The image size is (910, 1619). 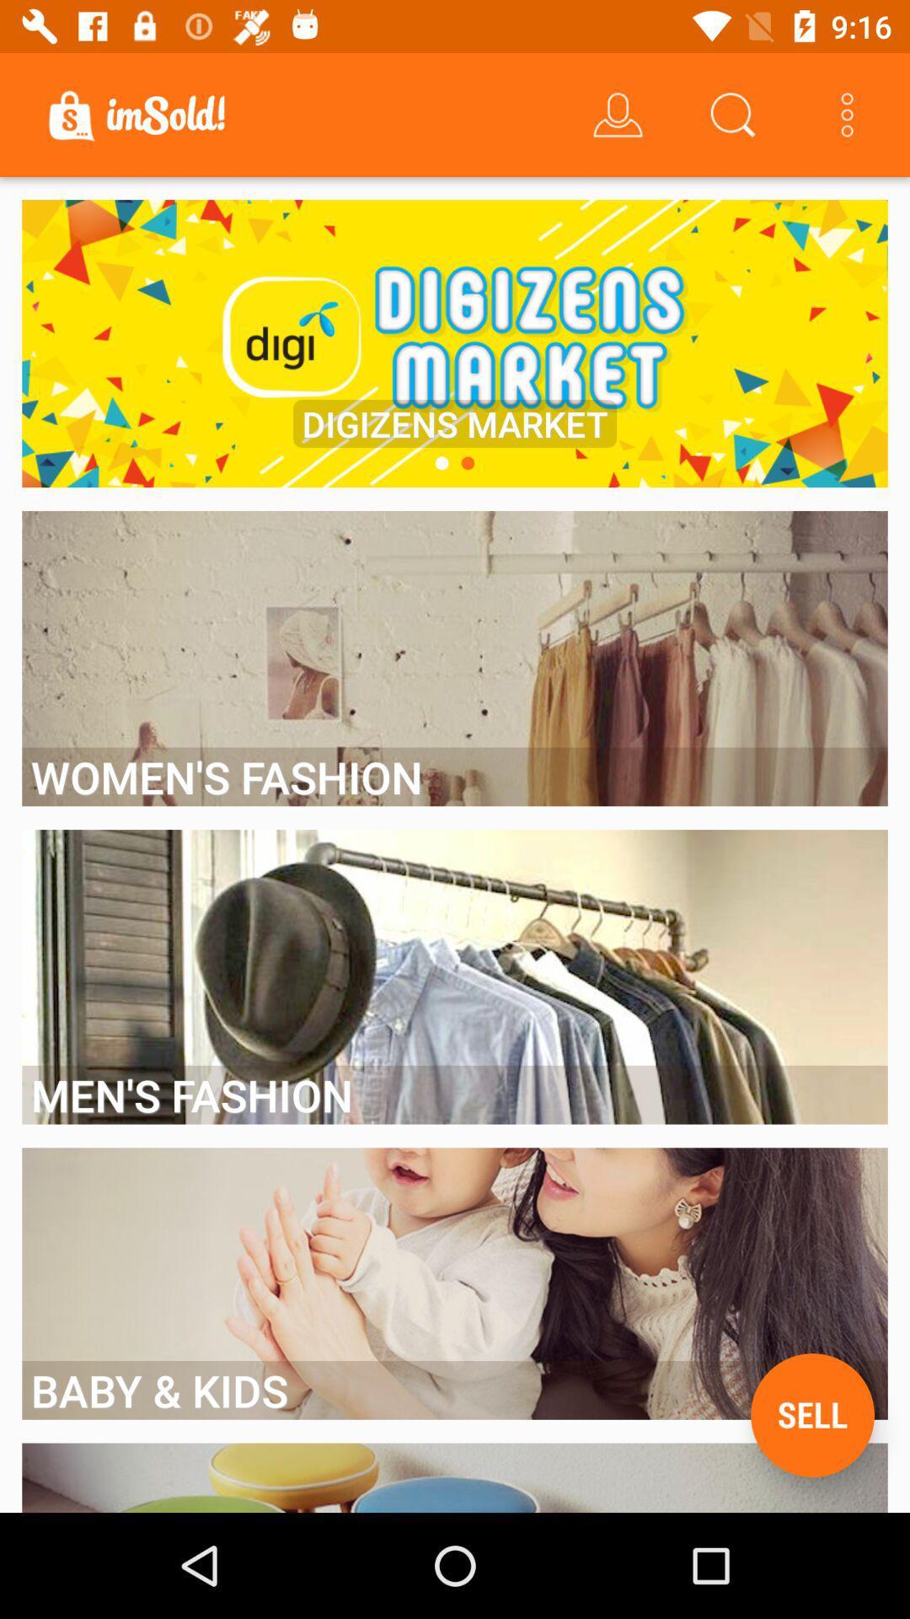 What do you see at coordinates (811, 1415) in the screenshot?
I see `sell an item` at bounding box center [811, 1415].